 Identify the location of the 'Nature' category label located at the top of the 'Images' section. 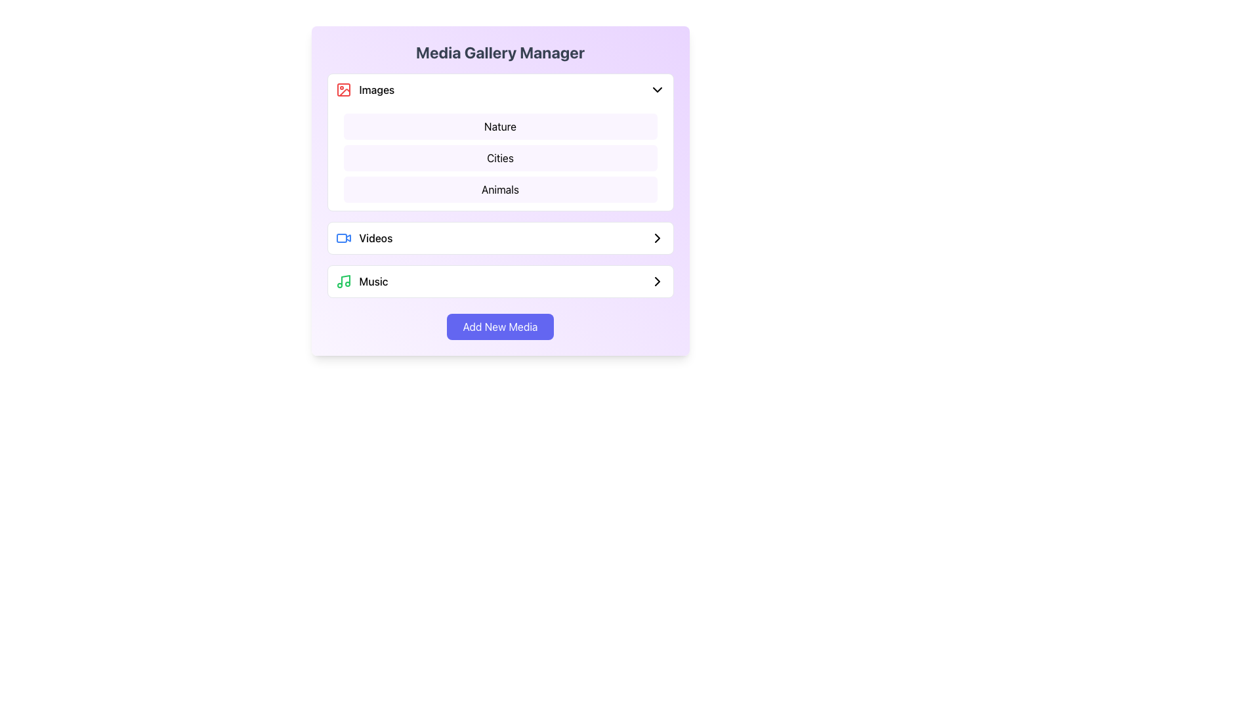
(499, 126).